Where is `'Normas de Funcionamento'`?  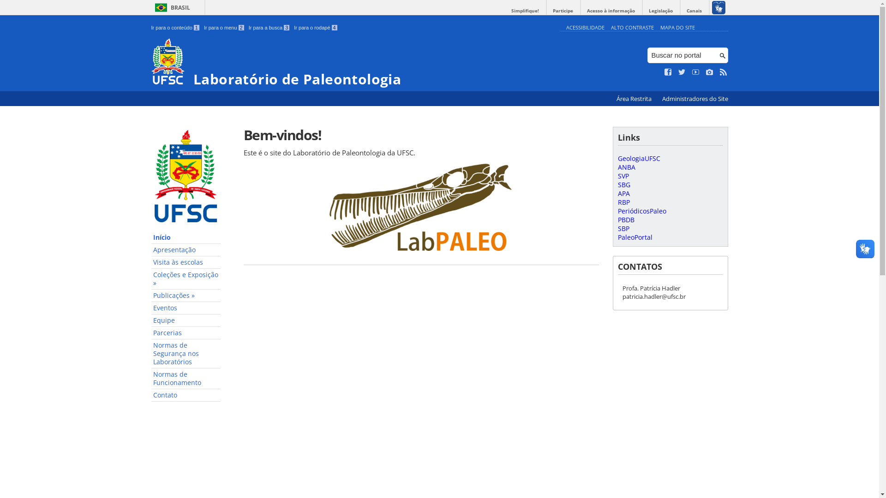 'Normas de Funcionamento' is located at coordinates (186, 379).